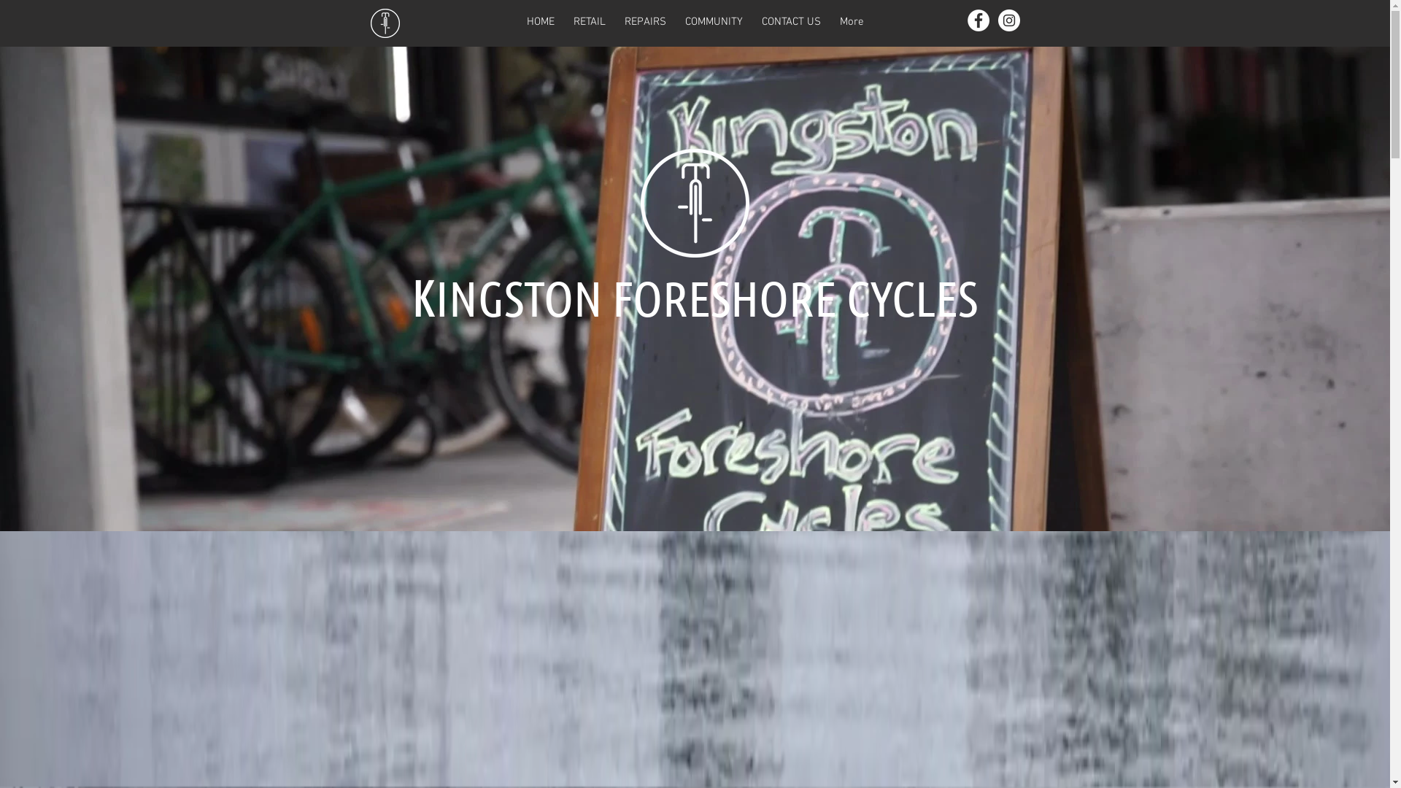 This screenshot has height=788, width=1401. What do you see at coordinates (790, 23) in the screenshot?
I see `'CONTACT US'` at bounding box center [790, 23].